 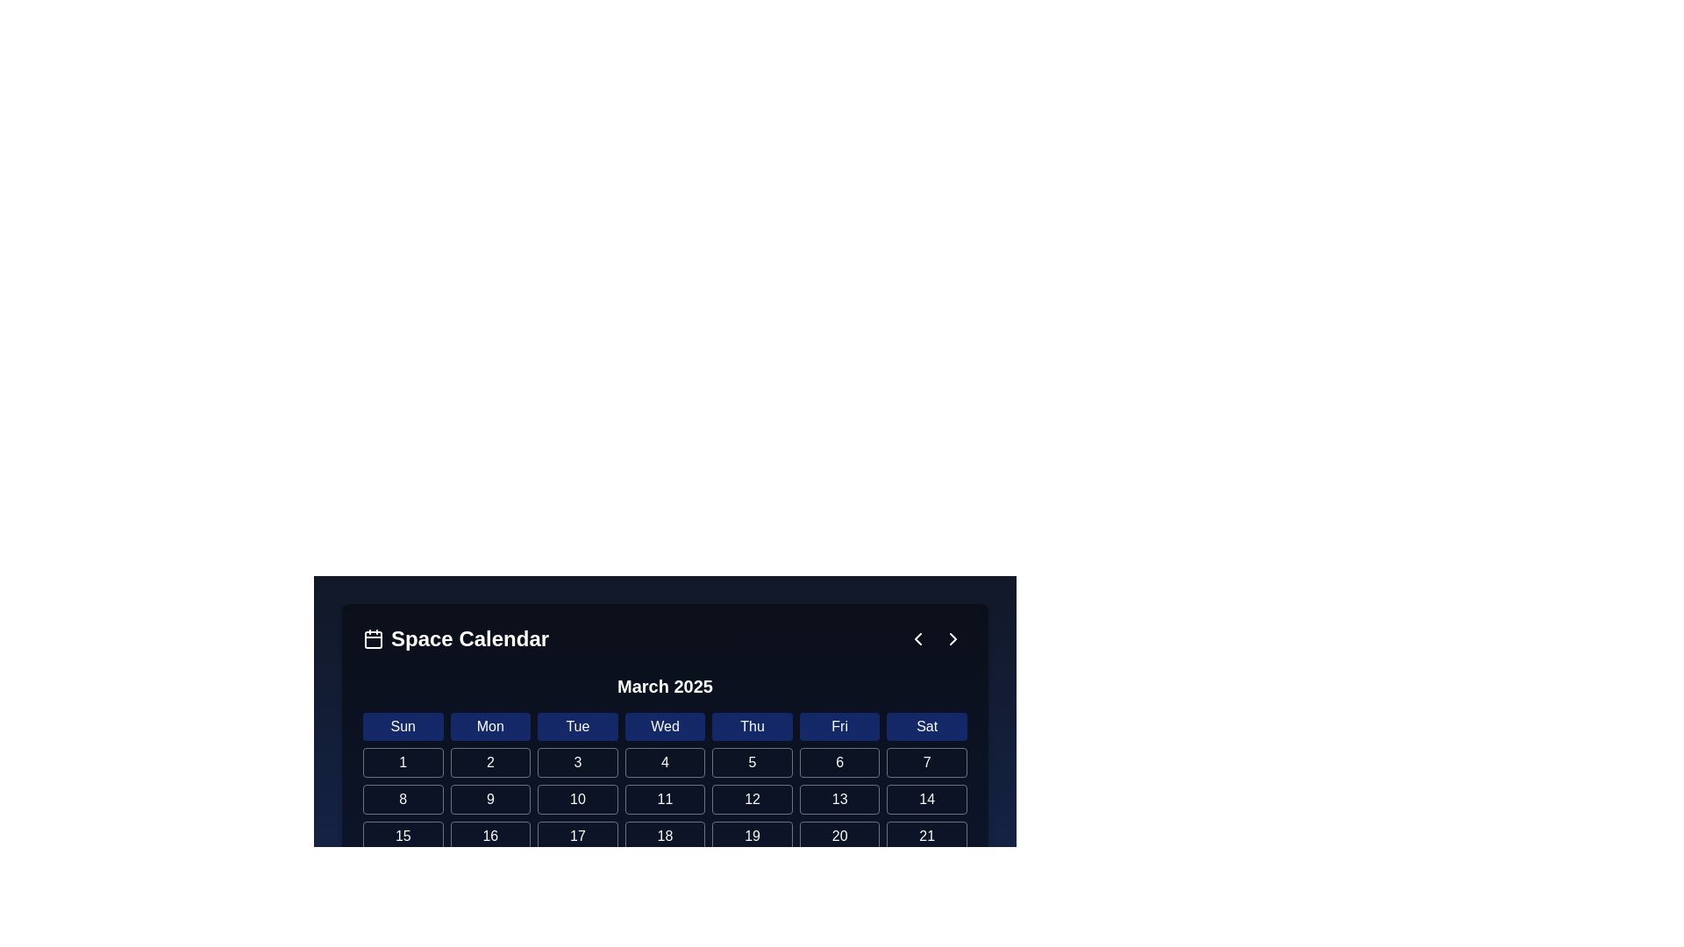 I want to click on the Calendar Day Cell representing the 18th day of March 2025, so click(x=664, y=835).